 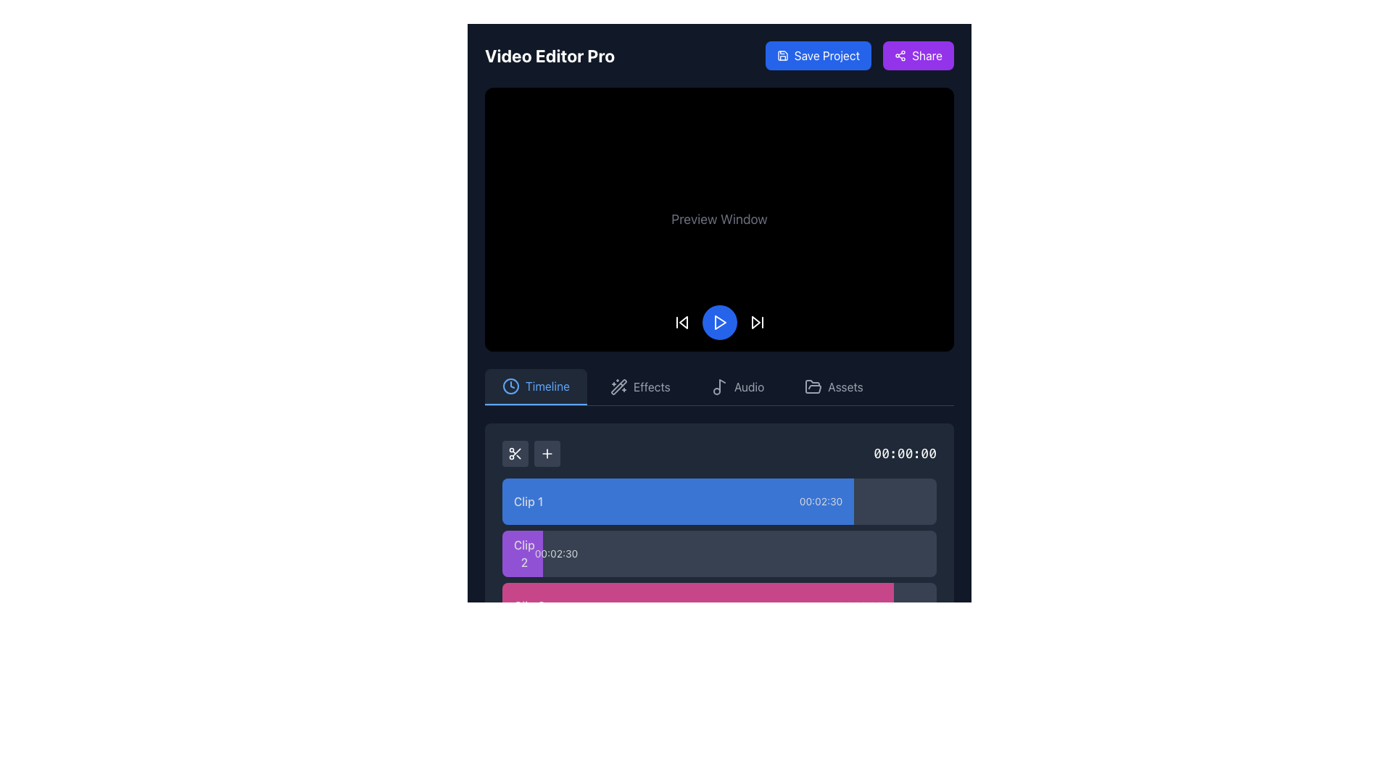 I want to click on the play button located at the horizontal center of the toolbar below the preview window, the second button in sequence between the skip forward and skip backward buttons to play the video, so click(x=719, y=321).